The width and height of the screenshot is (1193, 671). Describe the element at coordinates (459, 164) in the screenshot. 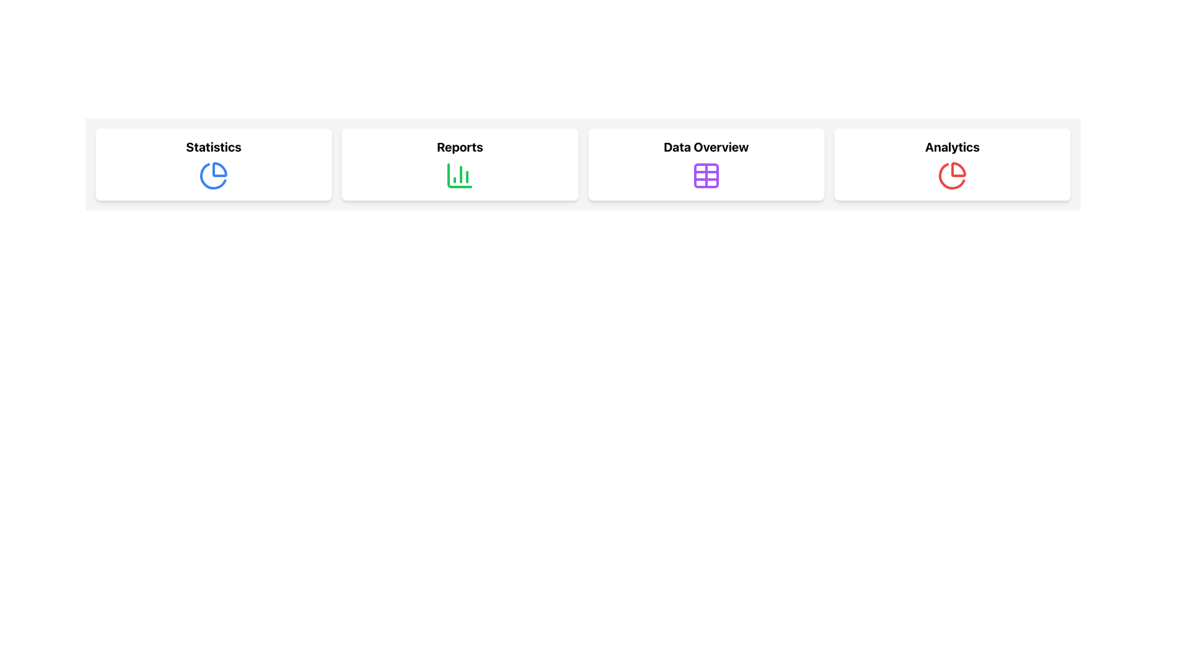

I see `the second Card component in the grid, which provides access to reports or related data, to interact with it` at that location.